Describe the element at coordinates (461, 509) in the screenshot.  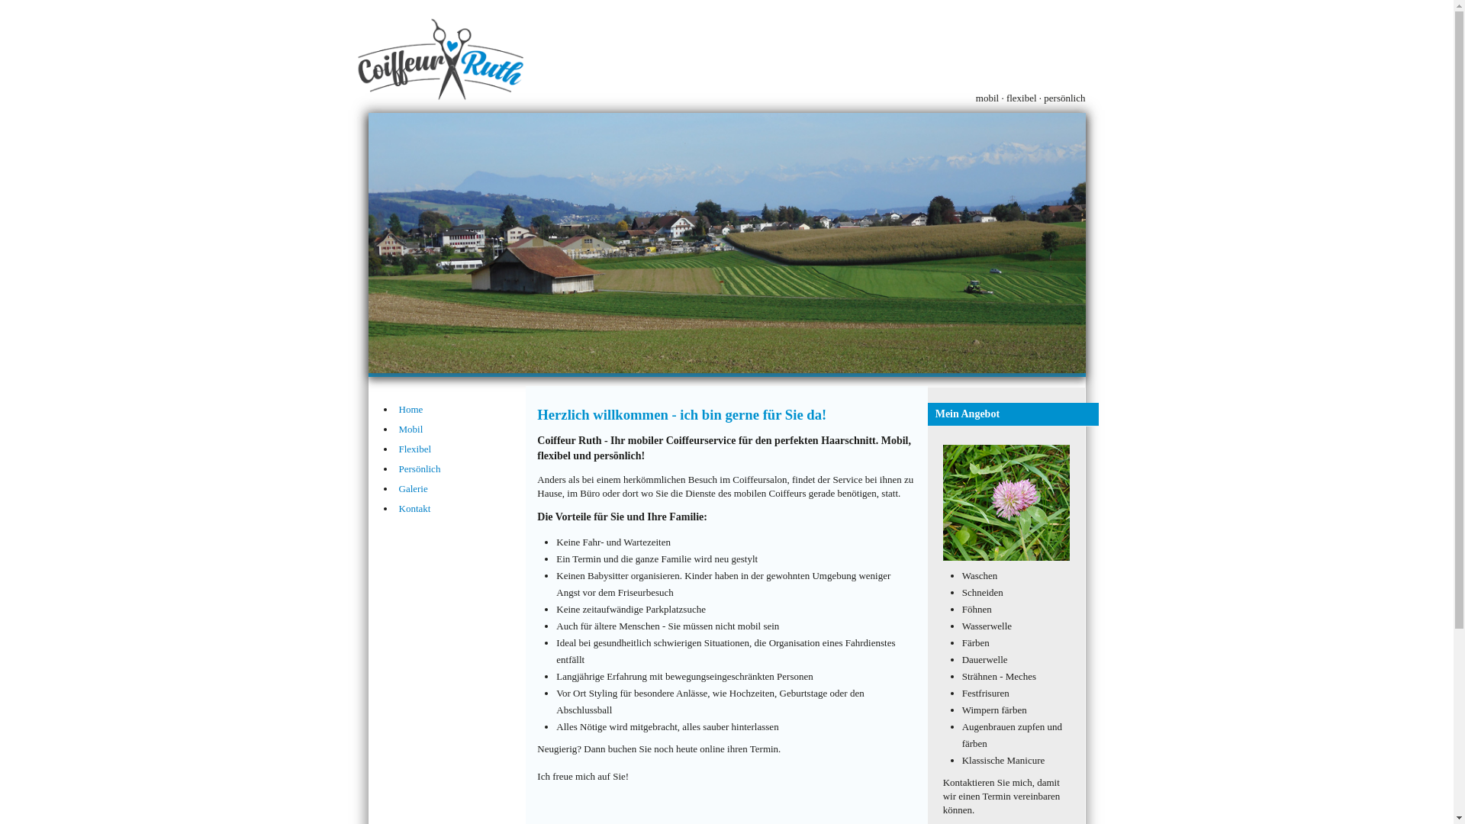
I see `'Kontakt'` at that location.